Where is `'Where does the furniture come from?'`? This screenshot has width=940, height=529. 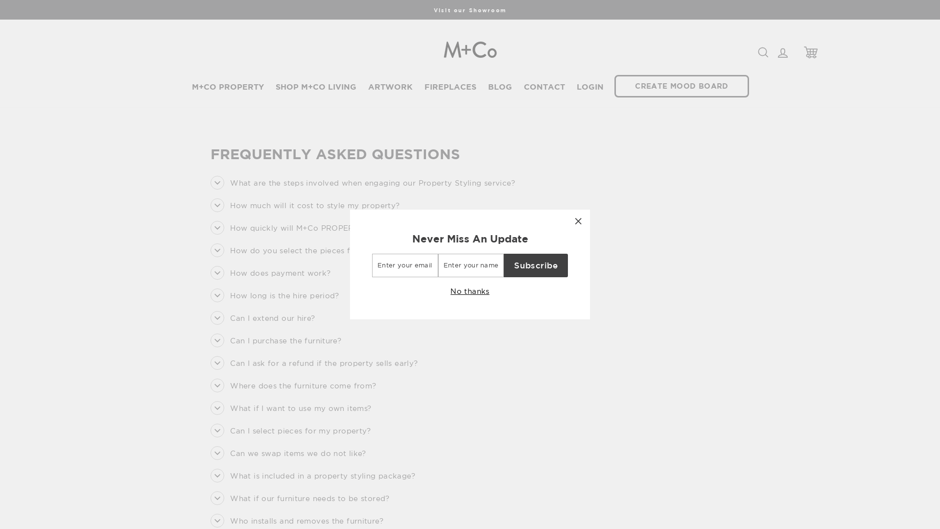
'Where does the furniture come from?' is located at coordinates (293, 385).